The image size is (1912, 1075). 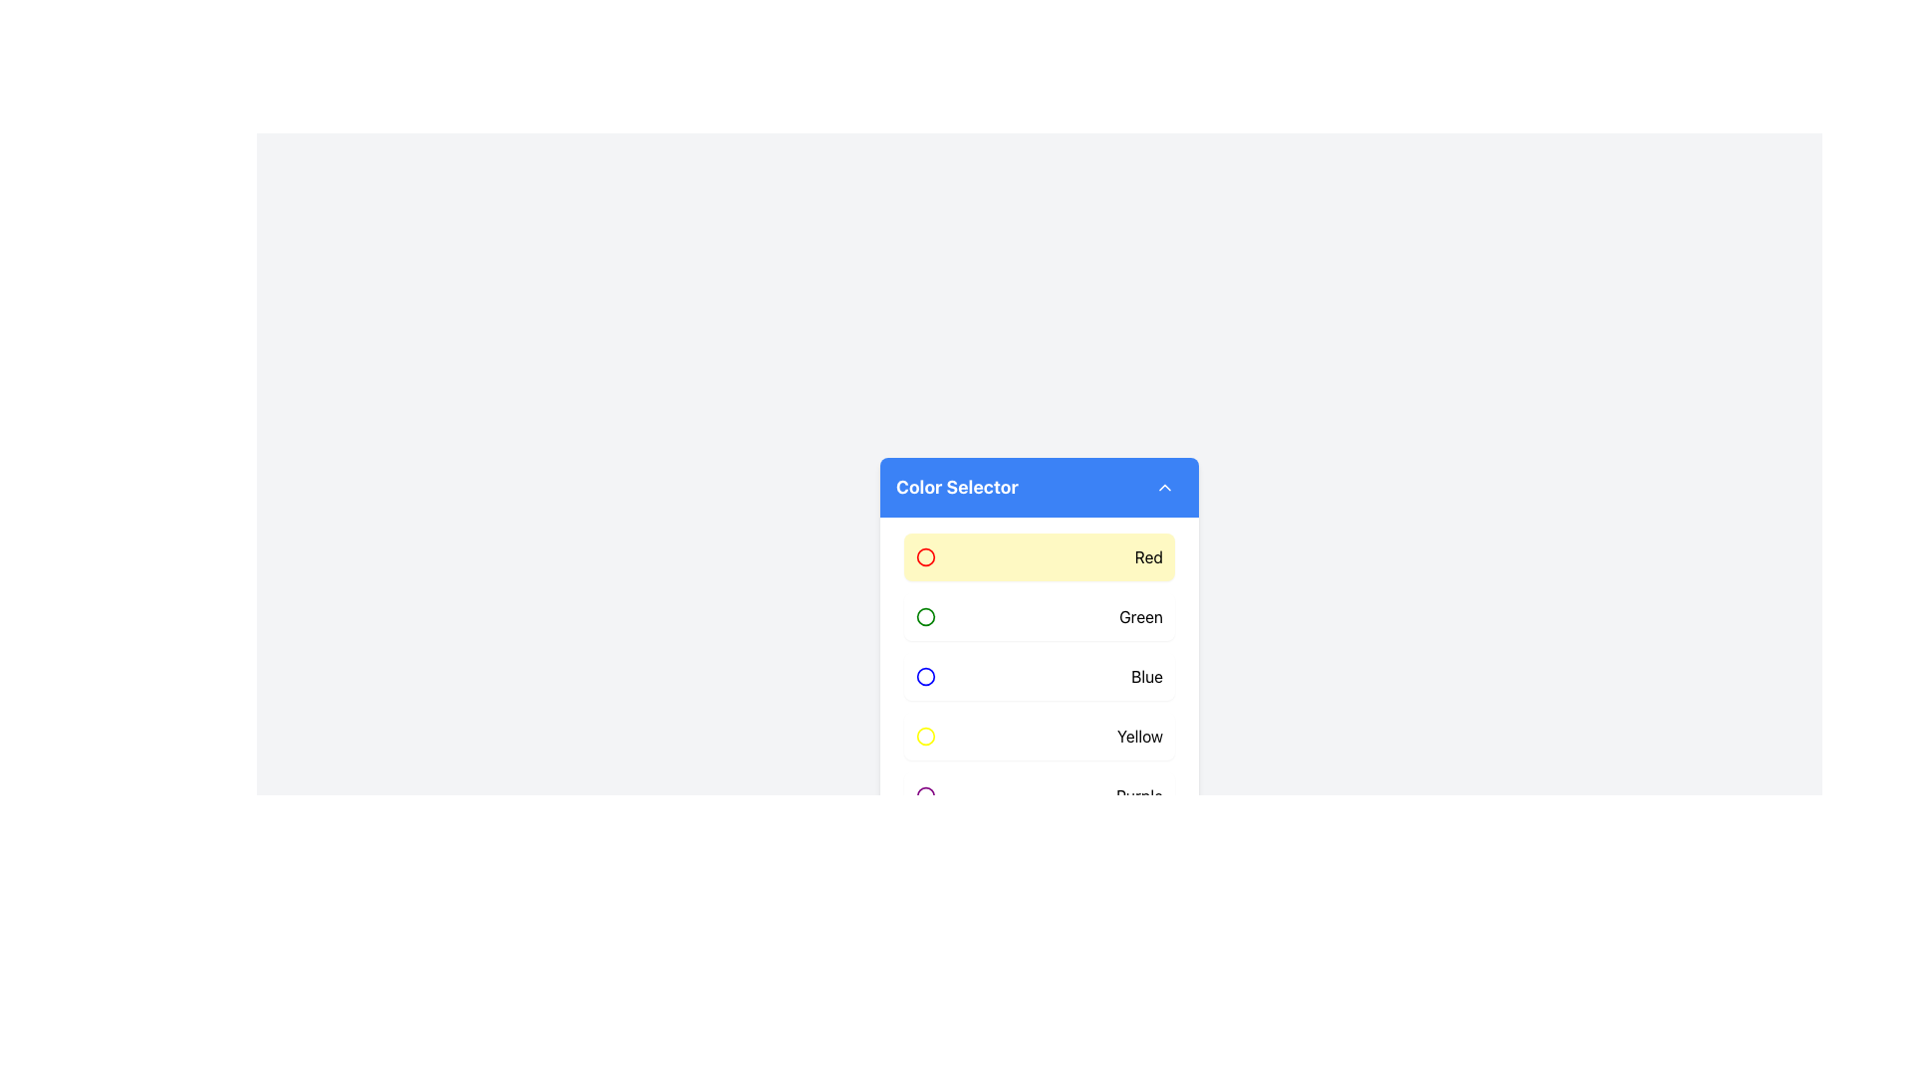 I want to click on the first selectable list item representing the color 'Red', so click(x=1038, y=556).